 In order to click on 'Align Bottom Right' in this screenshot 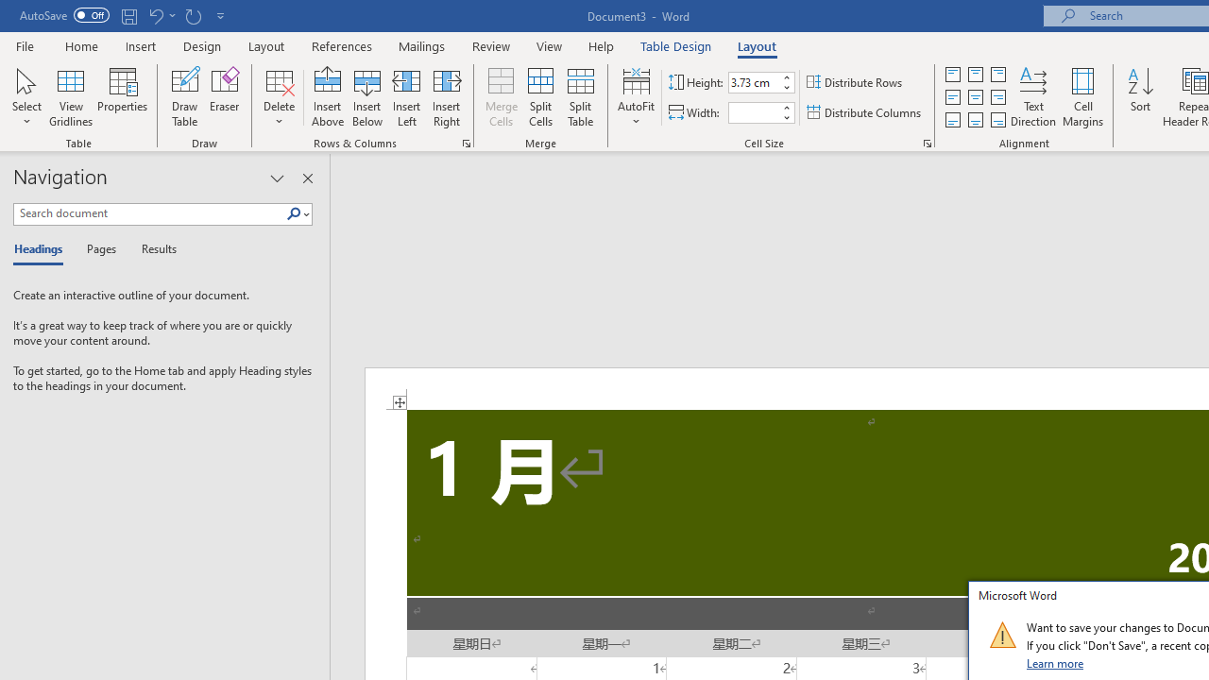, I will do `click(996, 120)`.